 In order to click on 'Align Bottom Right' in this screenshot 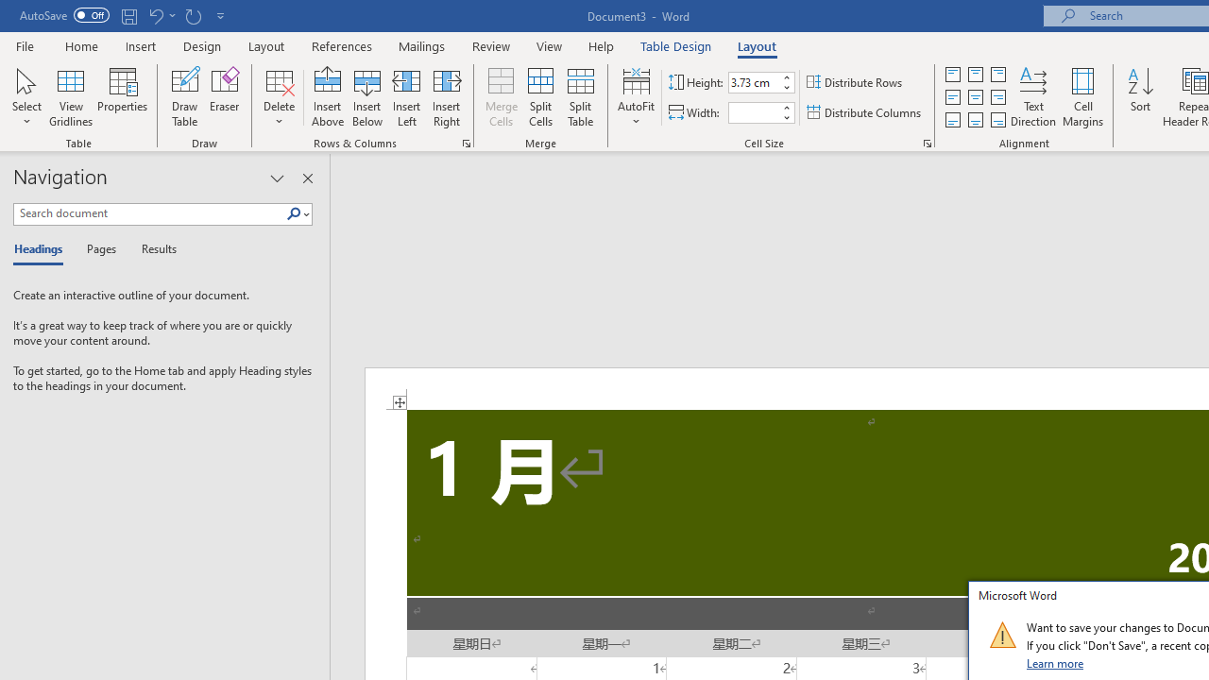, I will do `click(996, 120)`.